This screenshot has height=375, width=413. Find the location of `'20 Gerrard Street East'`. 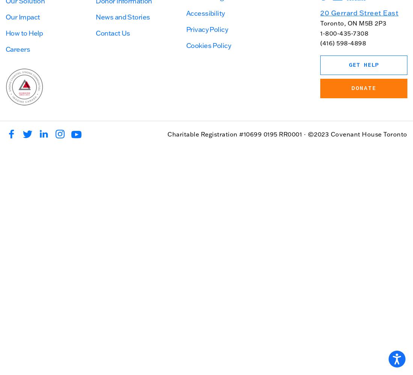

'20 Gerrard Street East' is located at coordinates (359, 12).